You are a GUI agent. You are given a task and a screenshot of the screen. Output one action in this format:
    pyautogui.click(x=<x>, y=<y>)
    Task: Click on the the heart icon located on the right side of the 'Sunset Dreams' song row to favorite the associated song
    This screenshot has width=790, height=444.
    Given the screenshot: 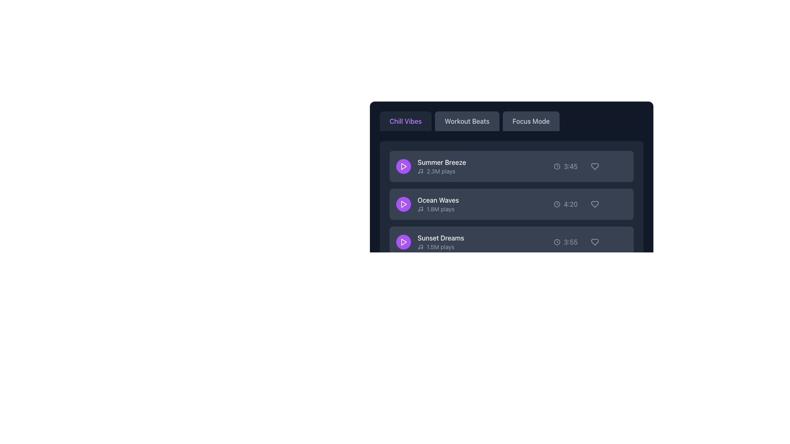 What is the action you would take?
    pyautogui.click(x=595, y=242)
    